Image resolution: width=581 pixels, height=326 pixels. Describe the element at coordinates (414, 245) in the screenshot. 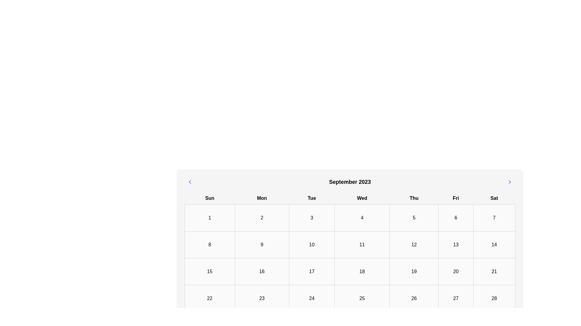

I see `the Calendar Day Cell representing the 12th day of September 2023` at that location.